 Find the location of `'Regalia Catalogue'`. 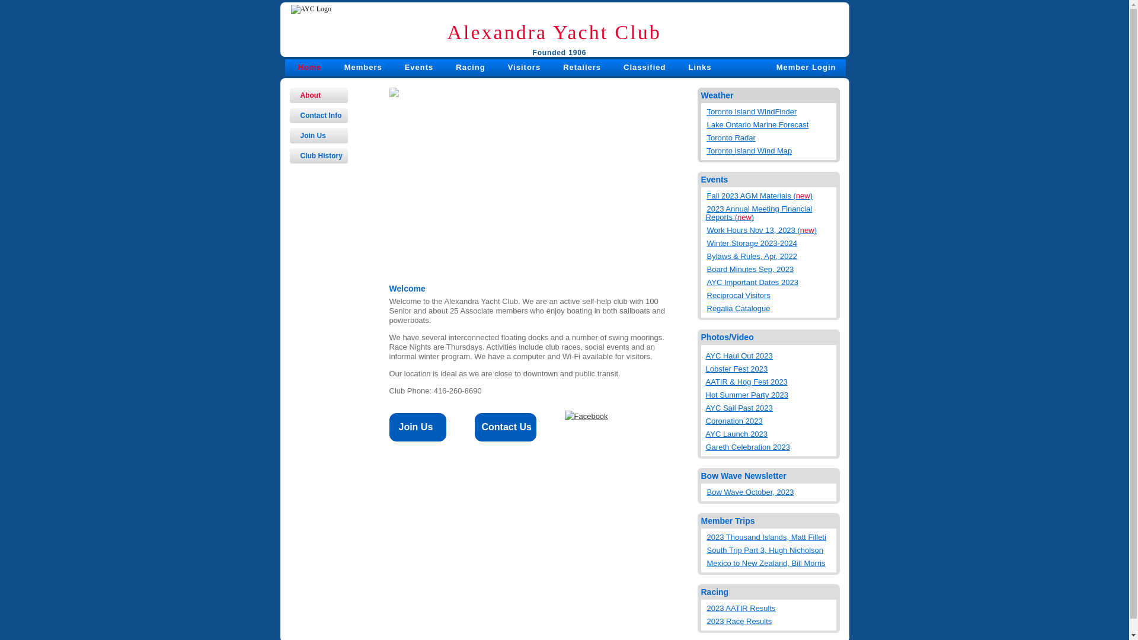

'Regalia Catalogue' is located at coordinates (771, 305).